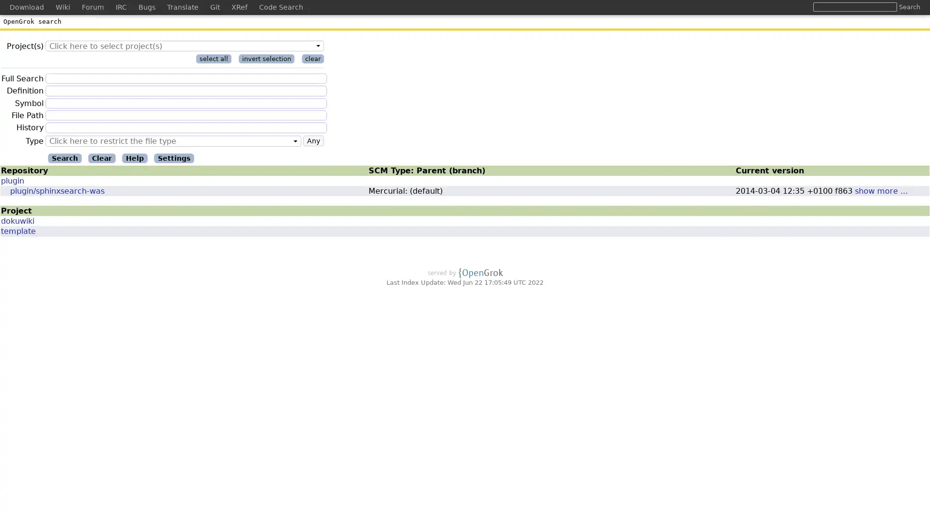 This screenshot has height=523, width=930. What do you see at coordinates (102, 157) in the screenshot?
I see `Clear` at bounding box center [102, 157].